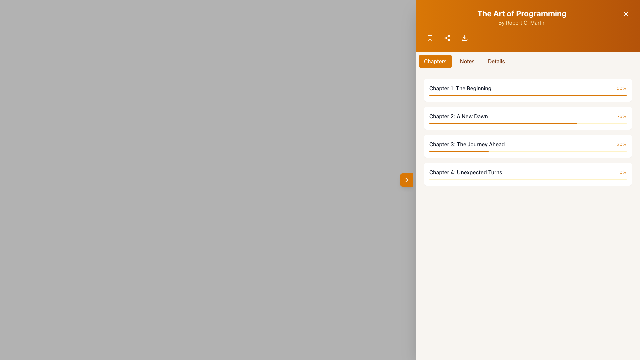 The image size is (640, 360). Describe the element at coordinates (430, 38) in the screenshot. I see `the bookmark icon located in the top-left area of the title bar` at that location.